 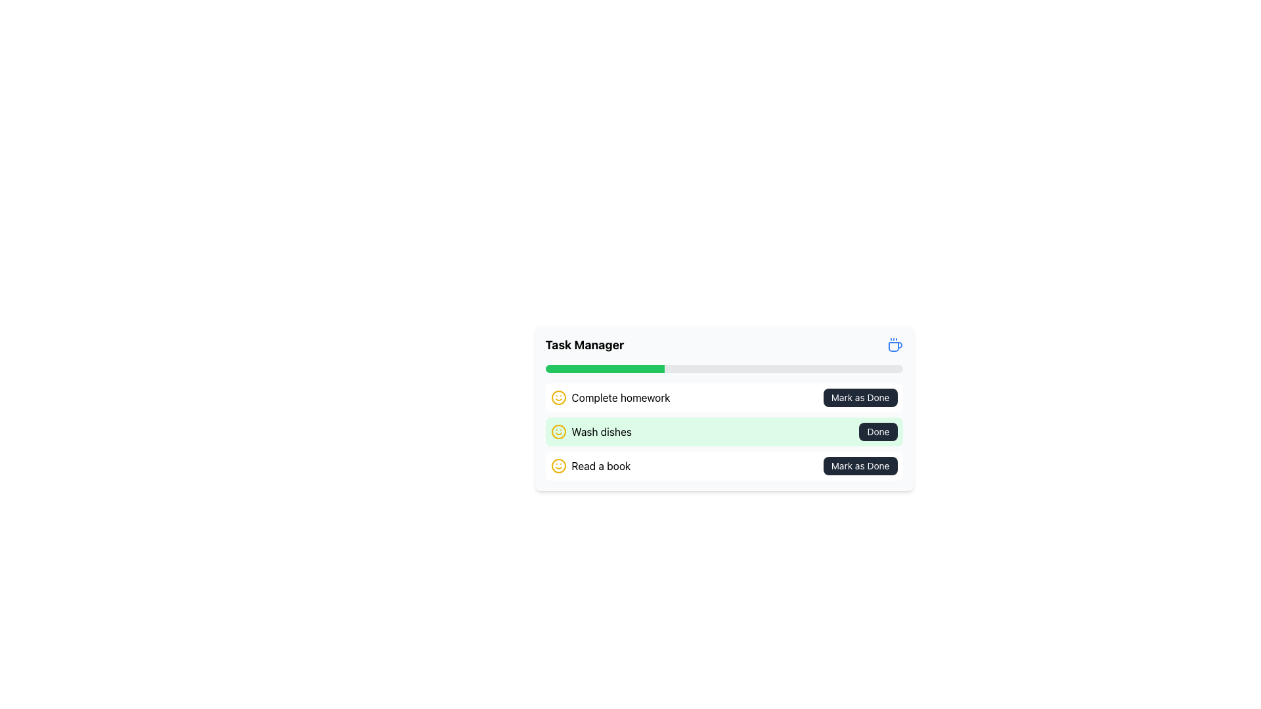 I want to click on the 'Mark as Done' button, which is a rounded rectangular button with a dark gray background, aligned to the right of the 'Complete homework' task row, so click(x=860, y=397).